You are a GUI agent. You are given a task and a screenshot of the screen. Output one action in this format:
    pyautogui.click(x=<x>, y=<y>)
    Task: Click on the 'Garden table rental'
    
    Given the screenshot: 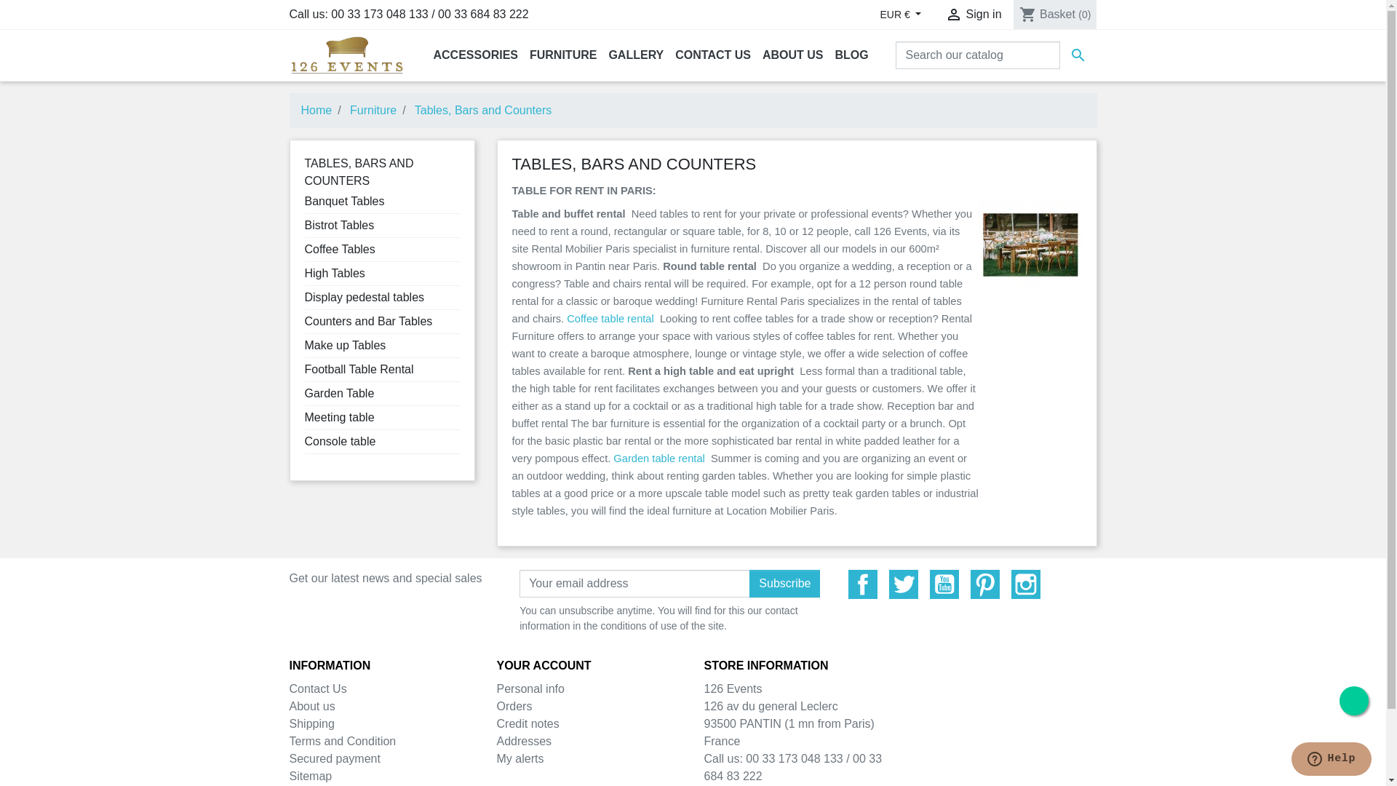 What is the action you would take?
    pyautogui.click(x=658, y=457)
    